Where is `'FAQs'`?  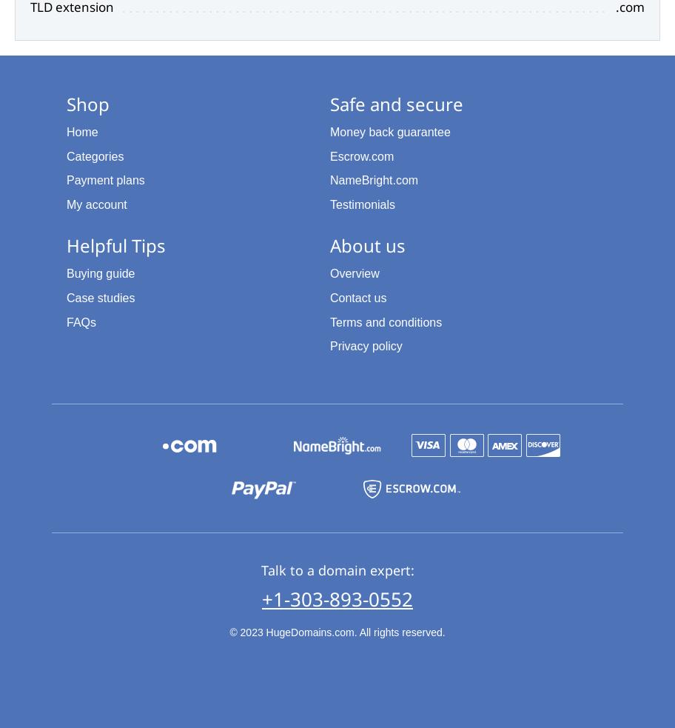 'FAQs' is located at coordinates (81, 321).